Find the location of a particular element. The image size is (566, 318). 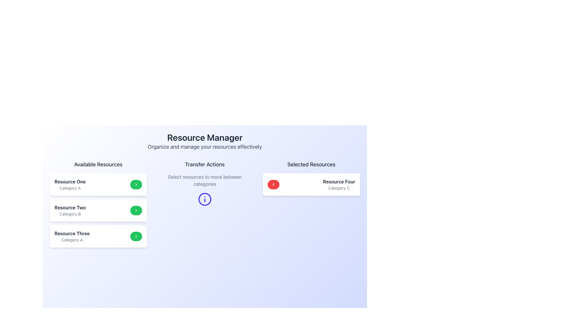

the text label that reads 'Category B', which is styled in gray and located below the title 'Resource Two' in the second panel of the 'Available Resources' section is located at coordinates (70, 214).